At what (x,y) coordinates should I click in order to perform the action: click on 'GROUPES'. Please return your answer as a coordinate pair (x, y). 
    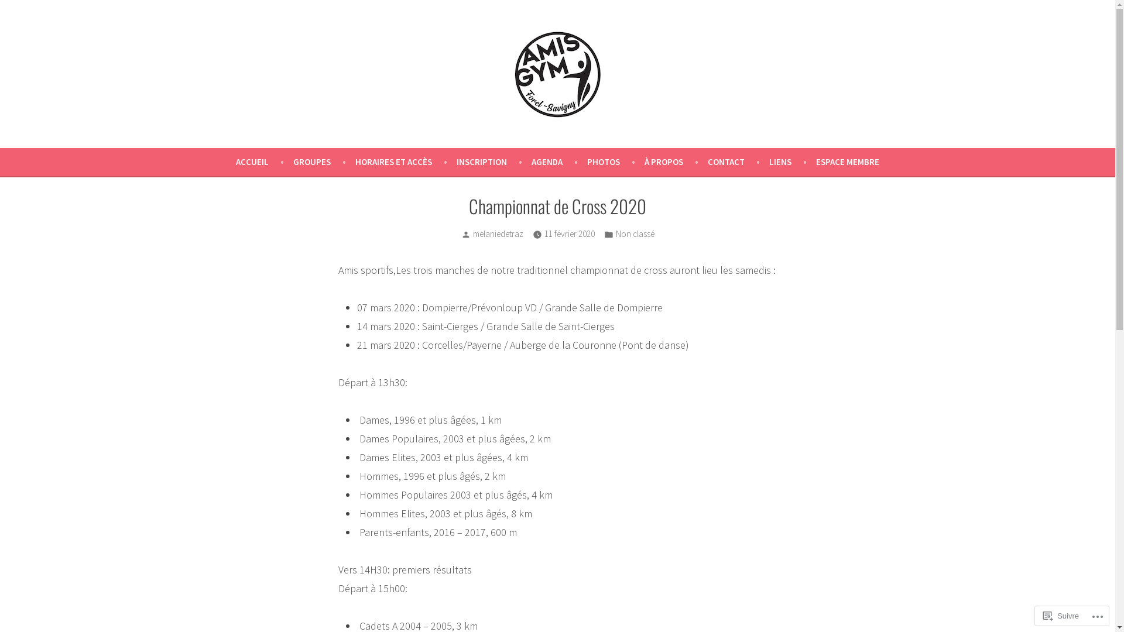
    Looking at the image, I should click on (324, 162).